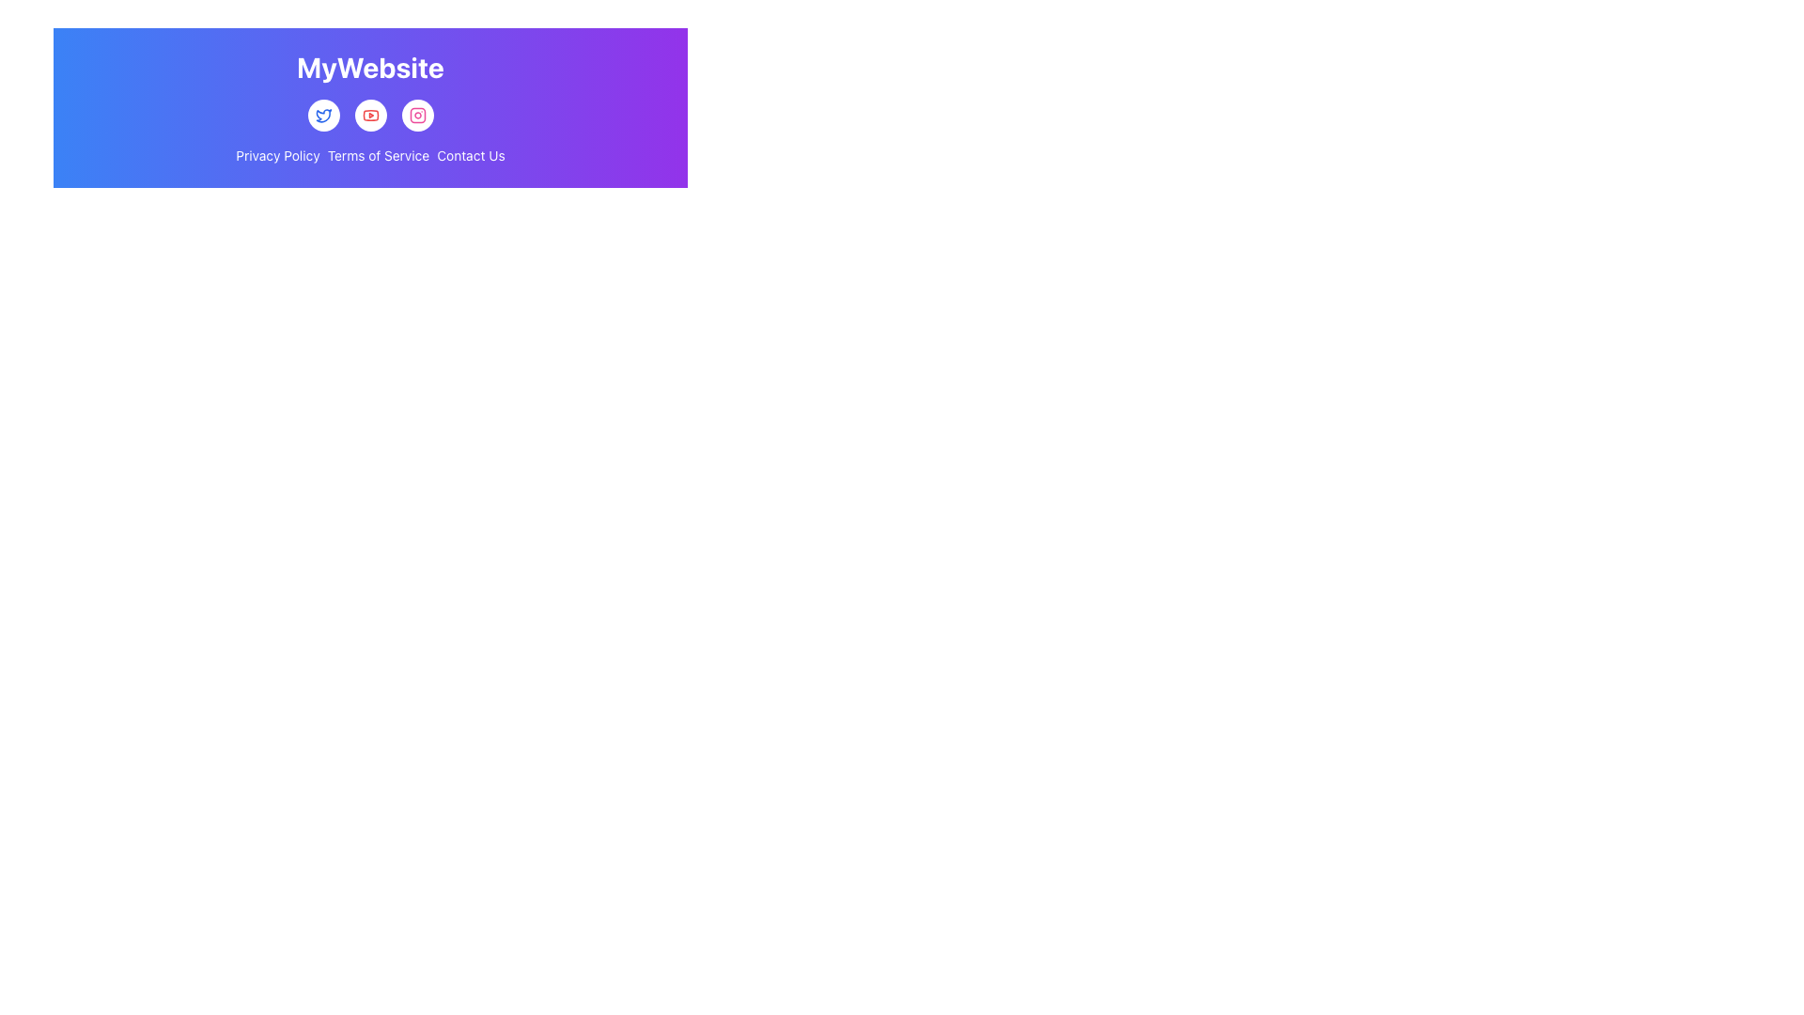 This screenshot has width=1804, height=1015. I want to click on the first hyperlink labeled 'Privacy Policy' that is located under the header 'MyWebsite' on the gradient background, so click(277, 154).